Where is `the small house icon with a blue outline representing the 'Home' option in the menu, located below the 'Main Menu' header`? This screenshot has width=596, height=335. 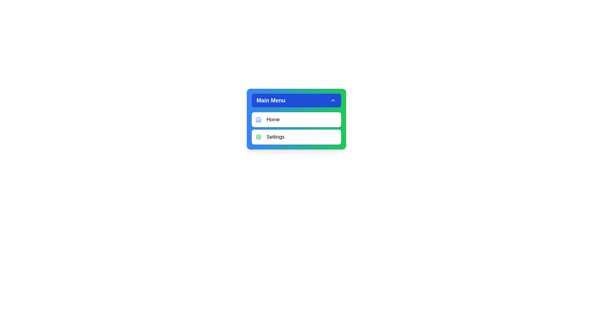
the small house icon with a blue outline representing the 'Home' option in the menu, located below the 'Main Menu' header is located at coordinates (258, 119).